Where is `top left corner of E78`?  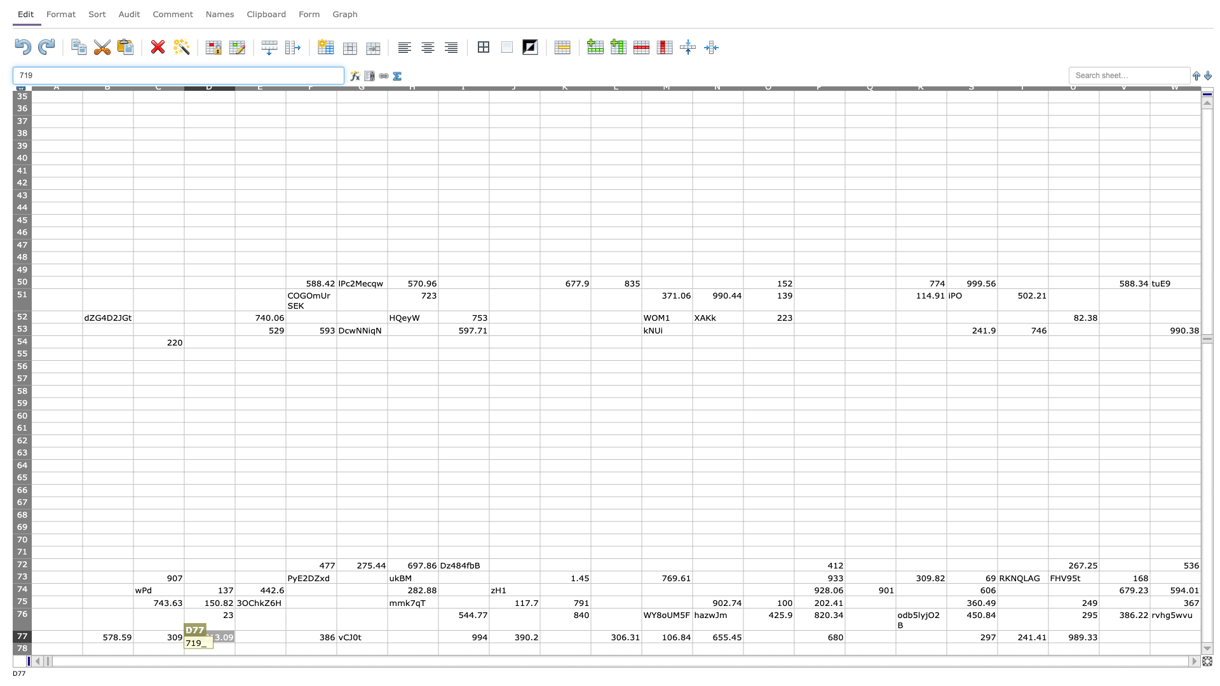 top left corner of E78 is located at coordinates (234, 642).